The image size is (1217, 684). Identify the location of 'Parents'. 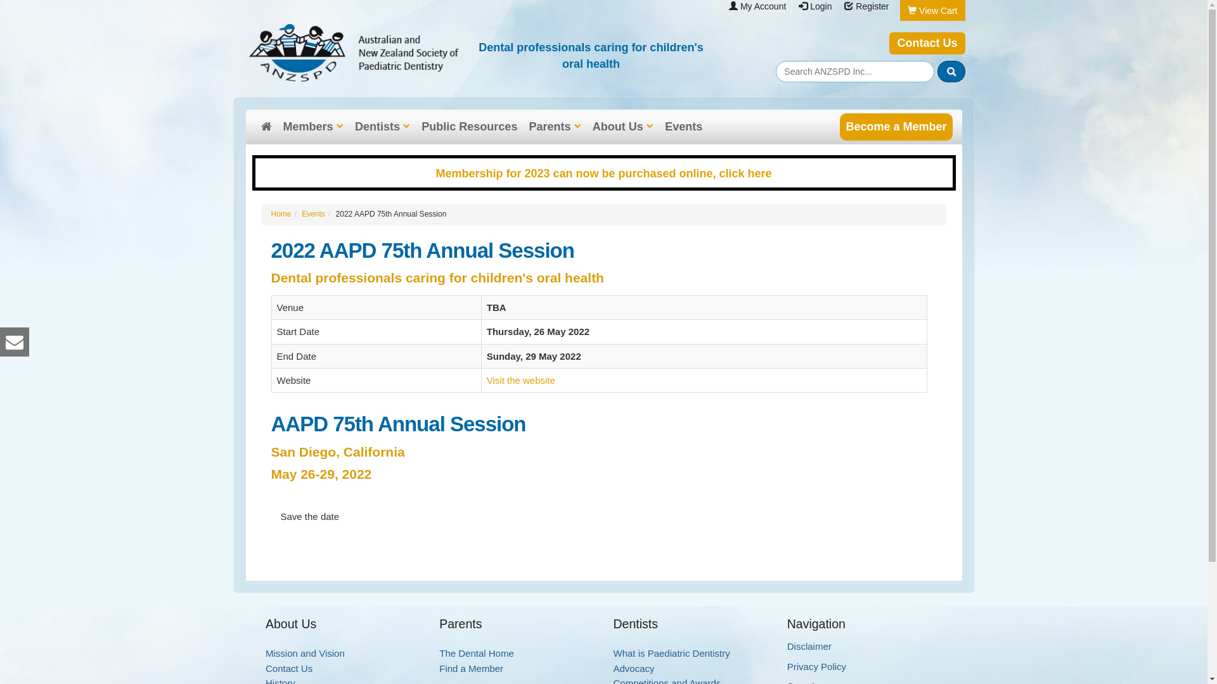
(554, 127).